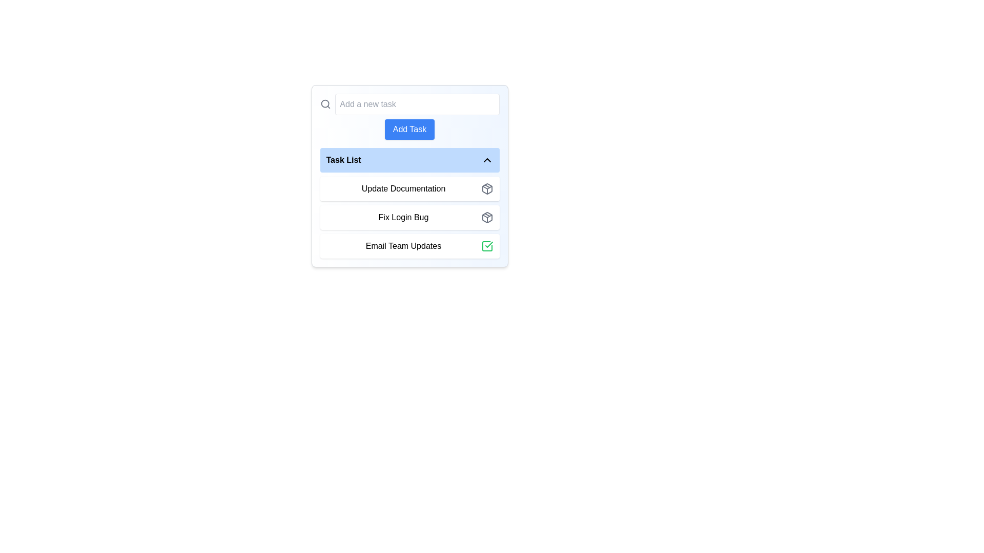  I want to click on the Chevron Up icon located to the right of the 'Task List' label, so click(486, 160).